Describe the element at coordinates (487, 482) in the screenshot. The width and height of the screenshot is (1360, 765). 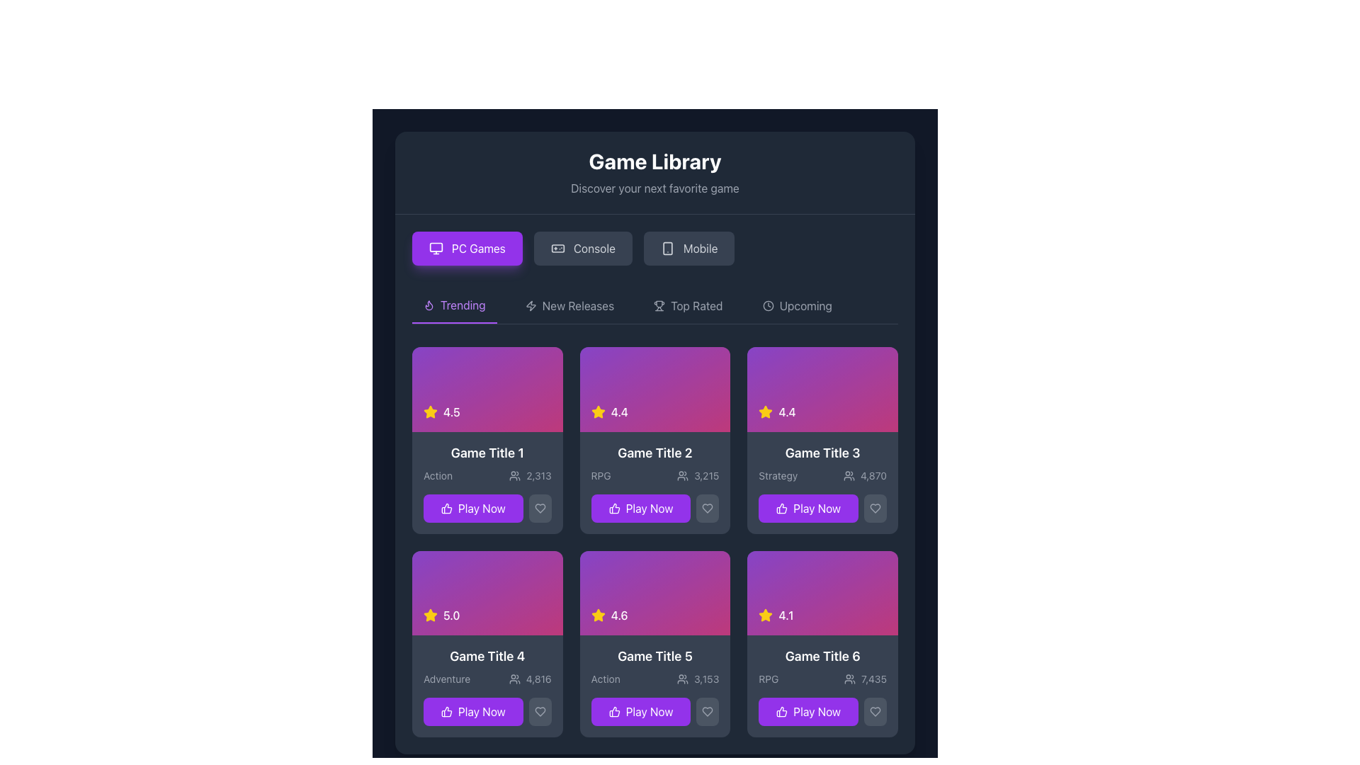
I see `the 'Play Now' button on the Informational Card located in the first column and second row of the 'Trending' section, which features a dark background and rounded corners` at that location.